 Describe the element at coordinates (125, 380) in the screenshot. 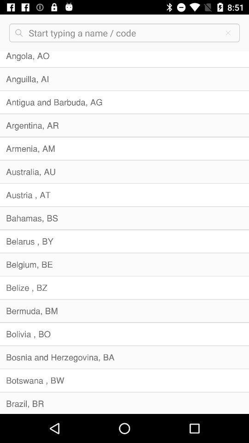

I see `item above the brazil, br icon` at that location.